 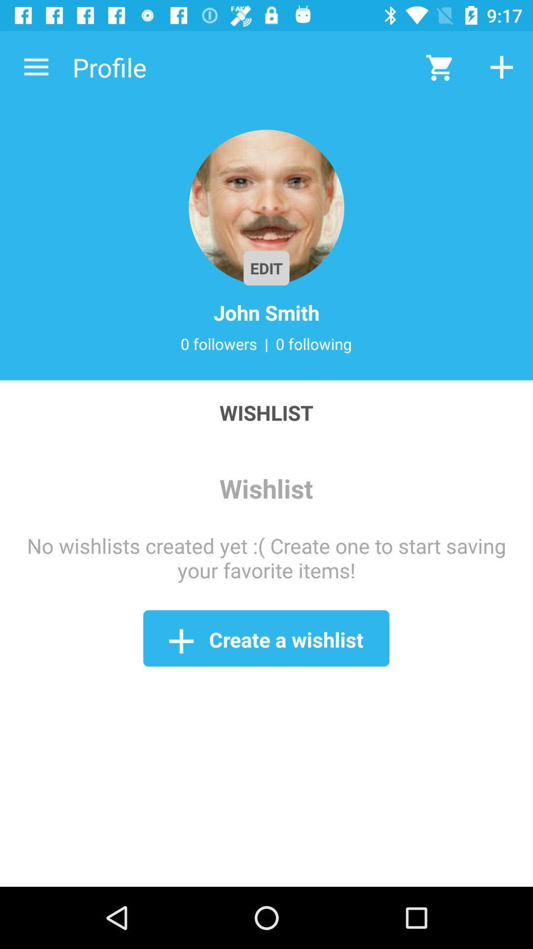 What do you see at coordinates (266, 344) in the screenshot?
I see `icon above wishlist icon` at bounding box center [266, 344].